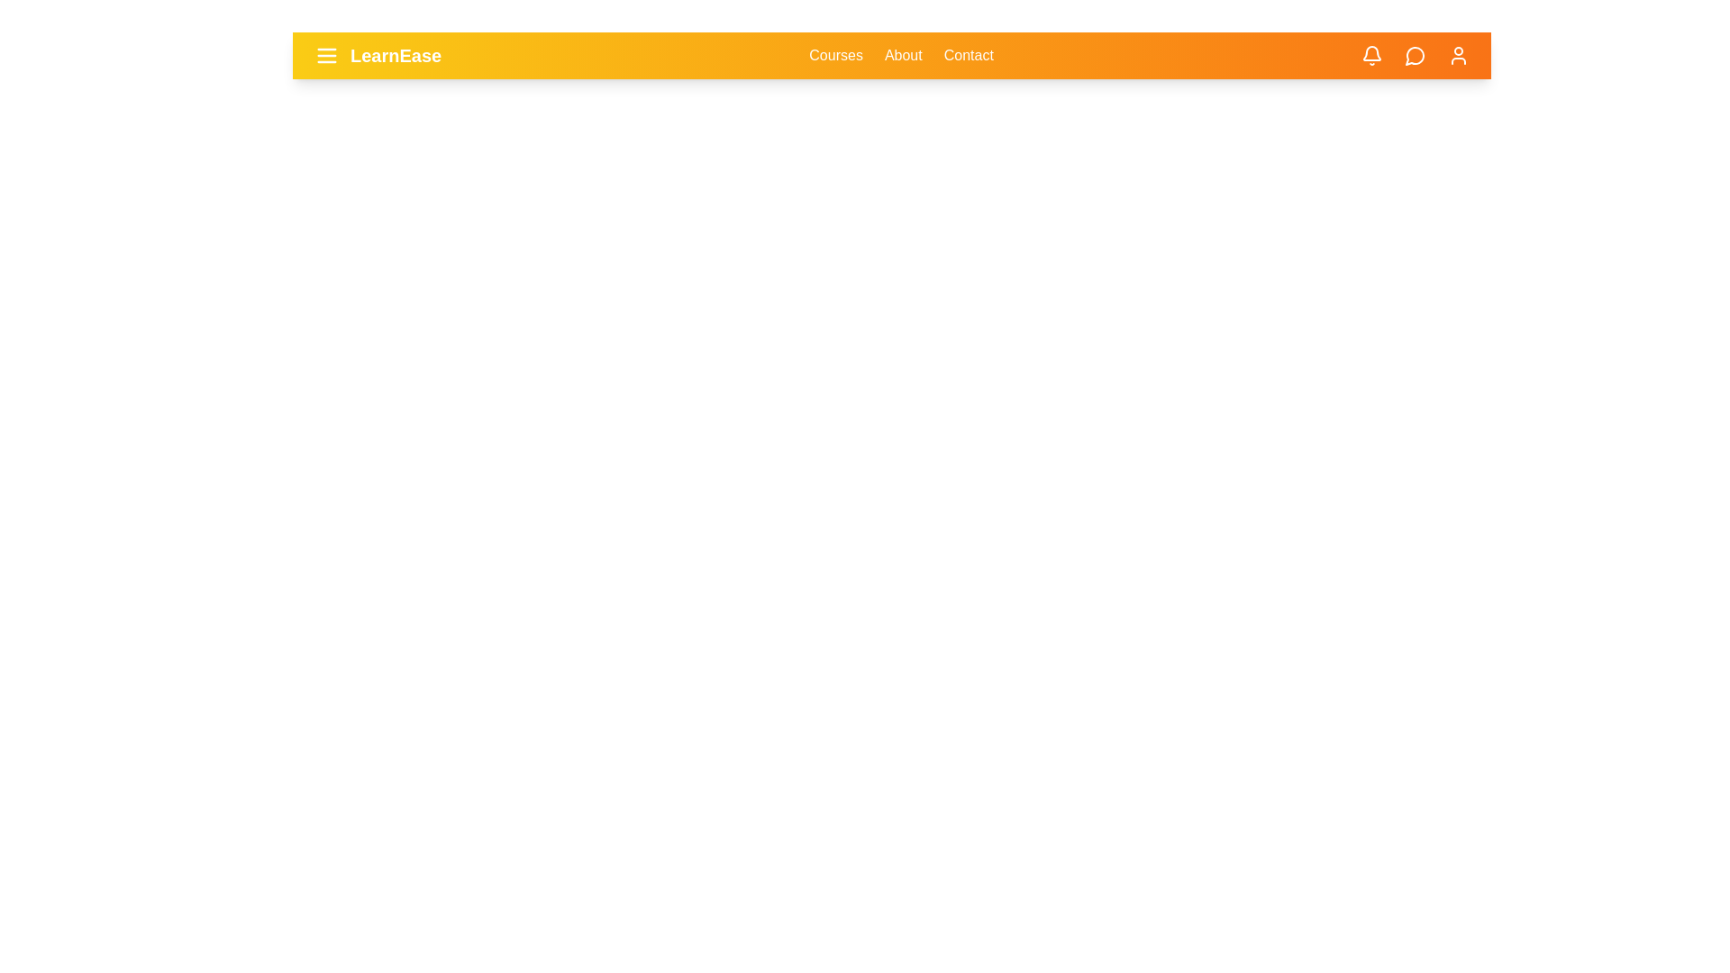  Describe the element at coordinates (327, 54) in the screenshot. I see `the menu icon to open the menu` at that location.